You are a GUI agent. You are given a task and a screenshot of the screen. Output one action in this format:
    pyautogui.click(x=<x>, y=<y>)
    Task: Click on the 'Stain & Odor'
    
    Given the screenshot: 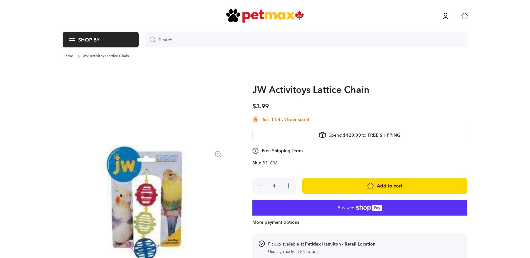 What is the action you would take?
    pyautogui.click(x=231, y=8)
    